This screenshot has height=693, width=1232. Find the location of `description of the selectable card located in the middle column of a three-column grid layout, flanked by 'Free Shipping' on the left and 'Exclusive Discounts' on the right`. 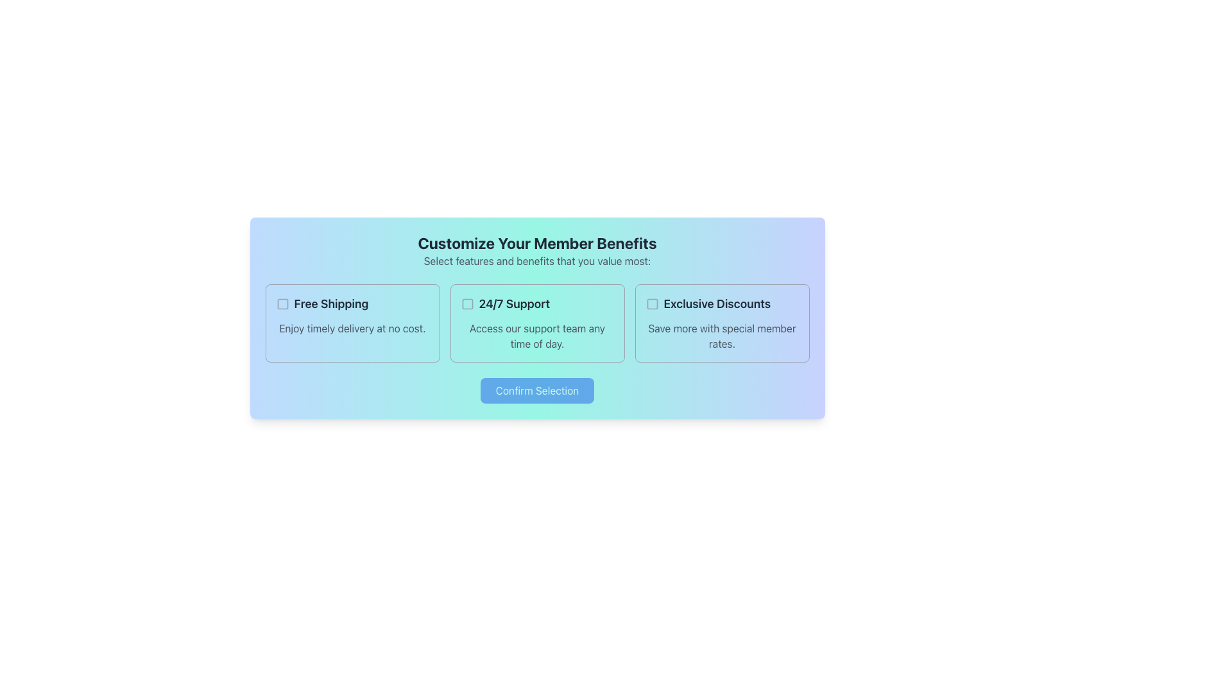

description of the selectable card located in the middle column of a three-column grid layout, flanked by 'Free Shipping' on the left and 'Exclusive Discounts' on the right is located at coordinates (537, 323).